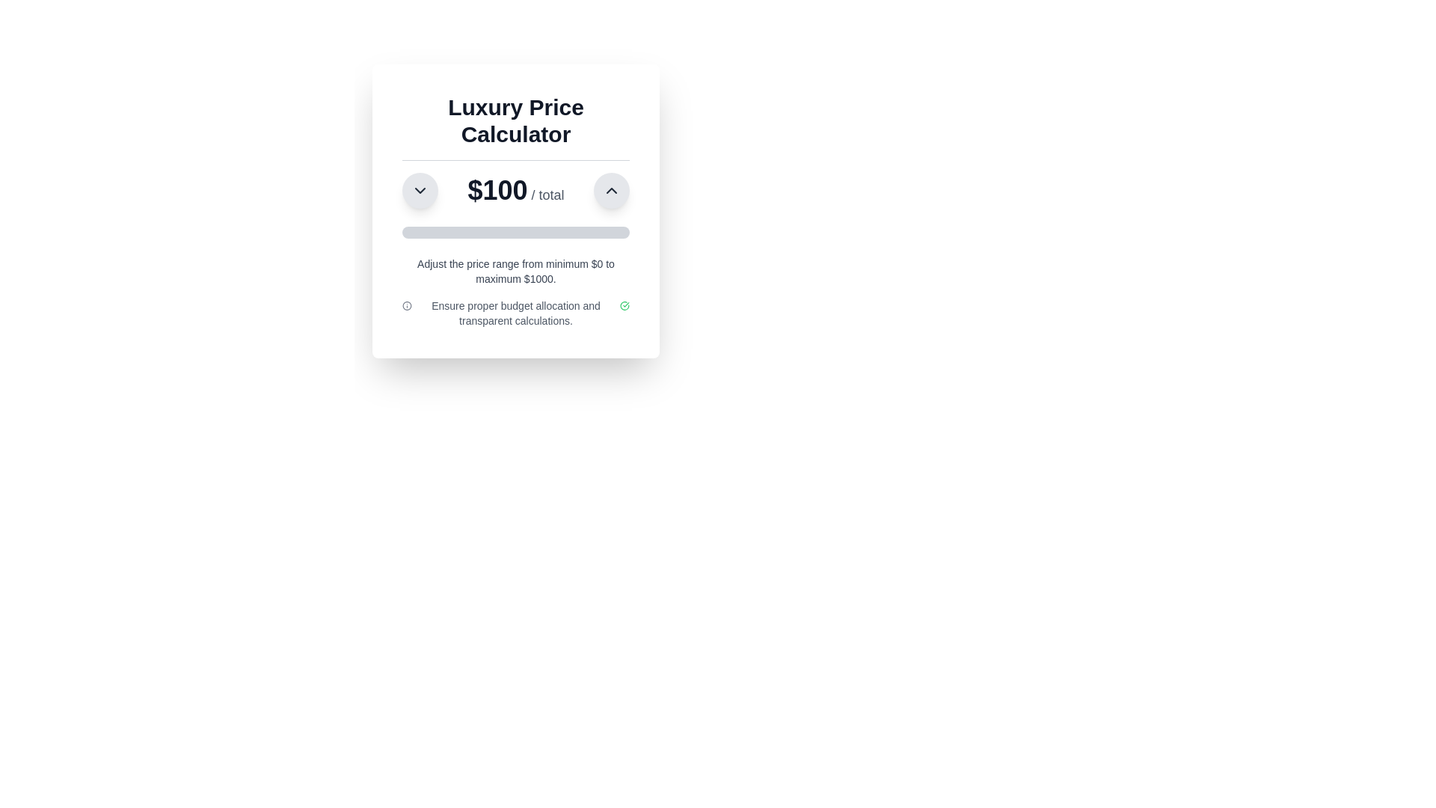  Describe the element at coordinates (516, 233) in the screenshot. I see `the progress visually on the progress bar located within the 'Luxury Price Calculator' card layout, situated below the '$100 / total' text and above the label 'Adjust the price range from minimum $0 to maximum $1000.'` at that location.